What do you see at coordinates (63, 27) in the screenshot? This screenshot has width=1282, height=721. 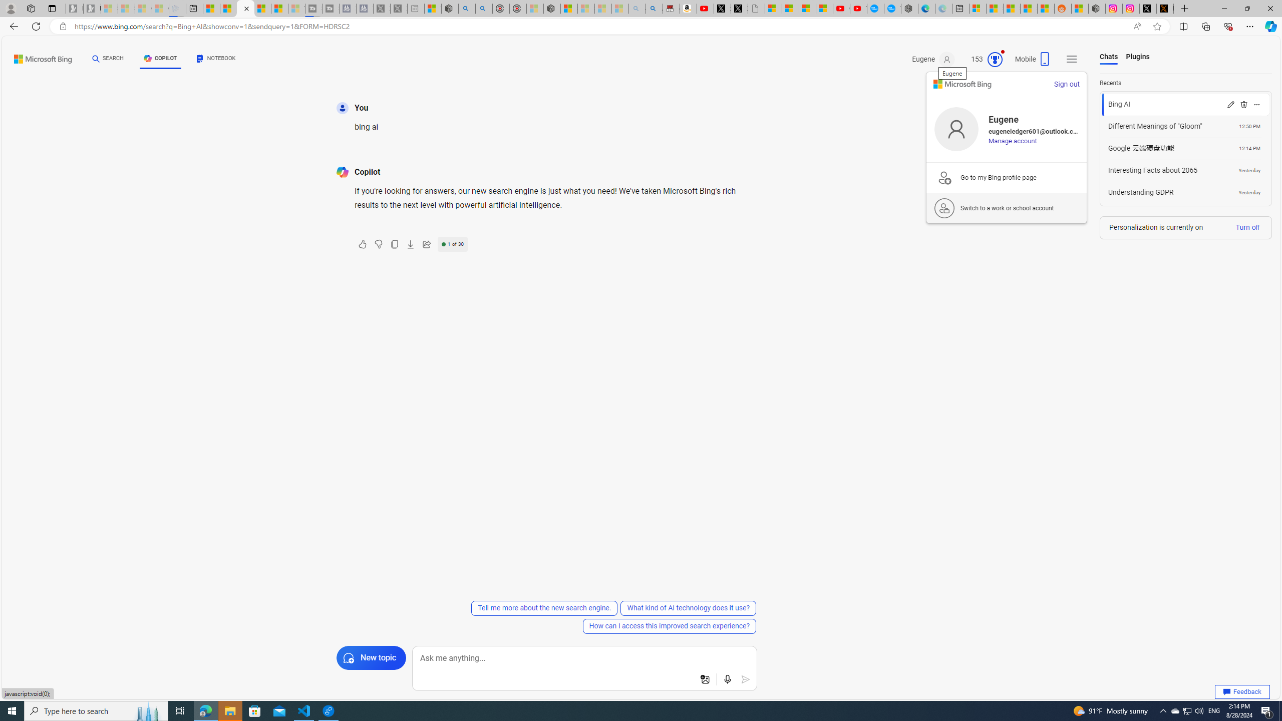 I see `'View site information'` at bounding box center [63, 27].